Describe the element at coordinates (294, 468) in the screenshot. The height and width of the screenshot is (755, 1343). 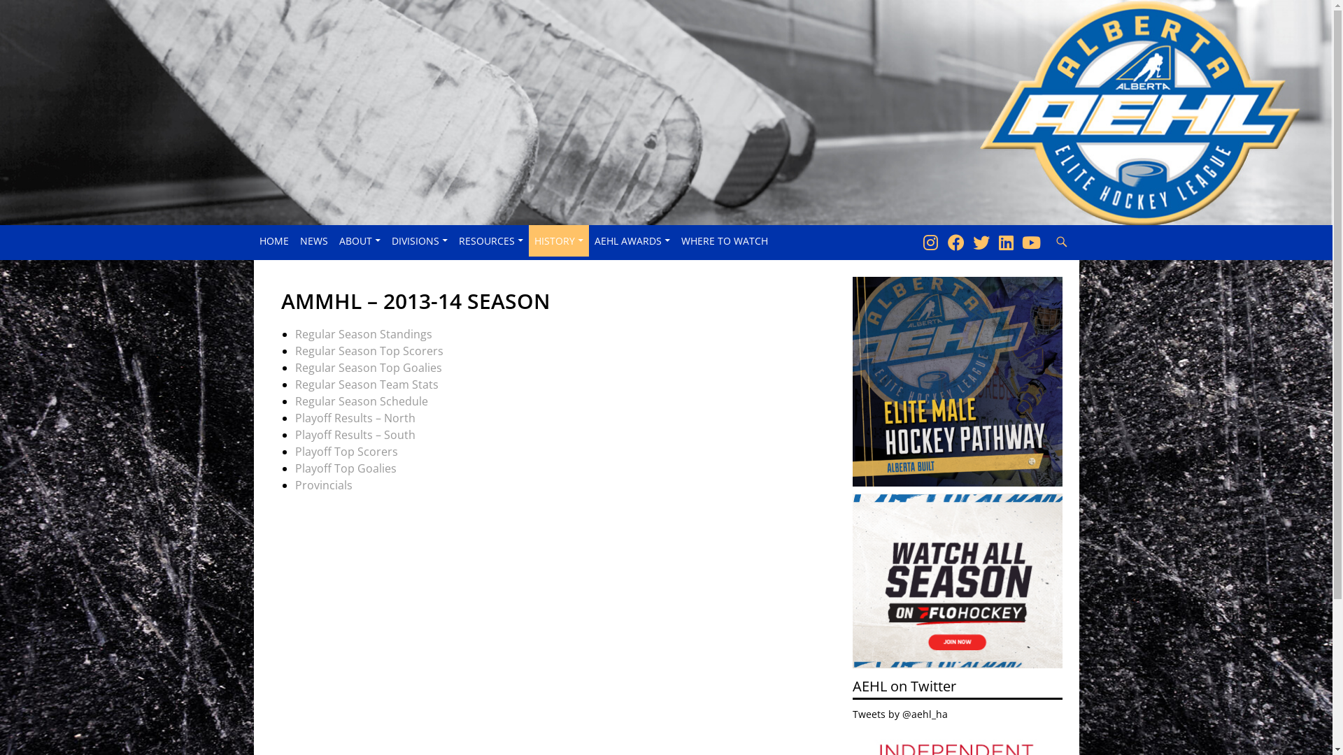
I see `'Playoff Top Goalies'` at that location.